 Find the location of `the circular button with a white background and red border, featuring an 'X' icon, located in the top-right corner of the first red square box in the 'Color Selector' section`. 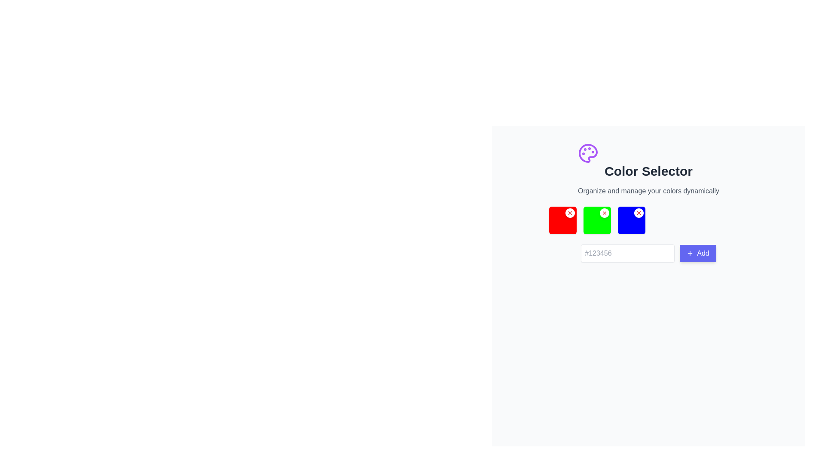

the circular button with a white background and red border, featuring an 'X' icon, located in the top-right corner of the first red square box in the 'Color Selector' section is located at coordinates (570, 213).